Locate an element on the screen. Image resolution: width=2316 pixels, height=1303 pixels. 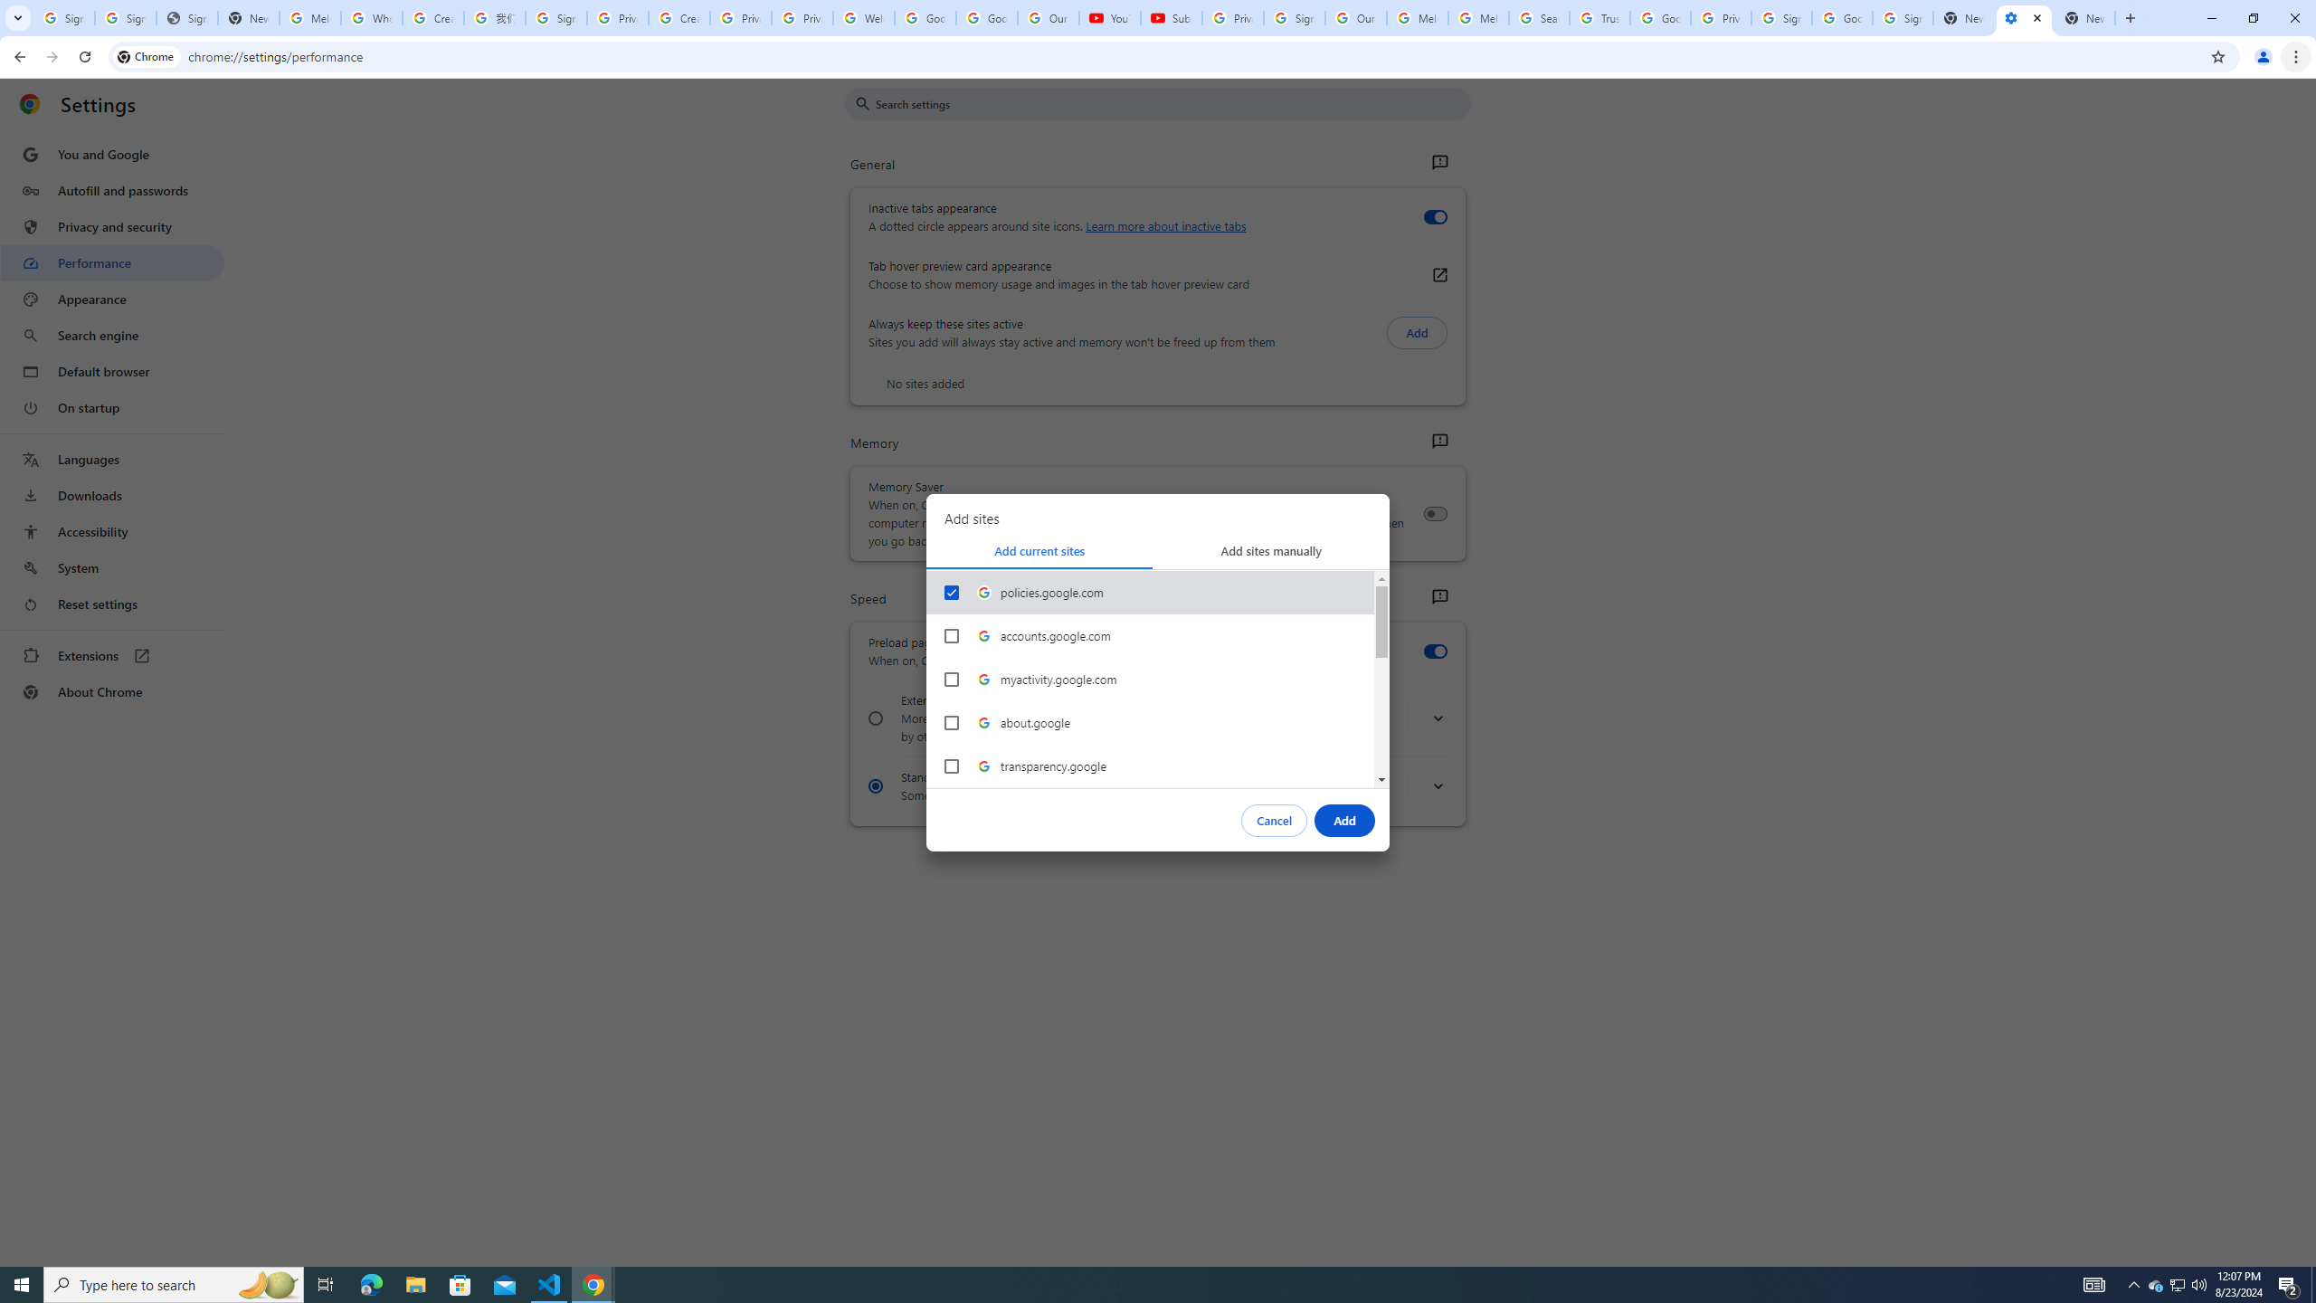
'Trusted Information and Content - Google Safety Center' is located at coordinates (1598, 17).